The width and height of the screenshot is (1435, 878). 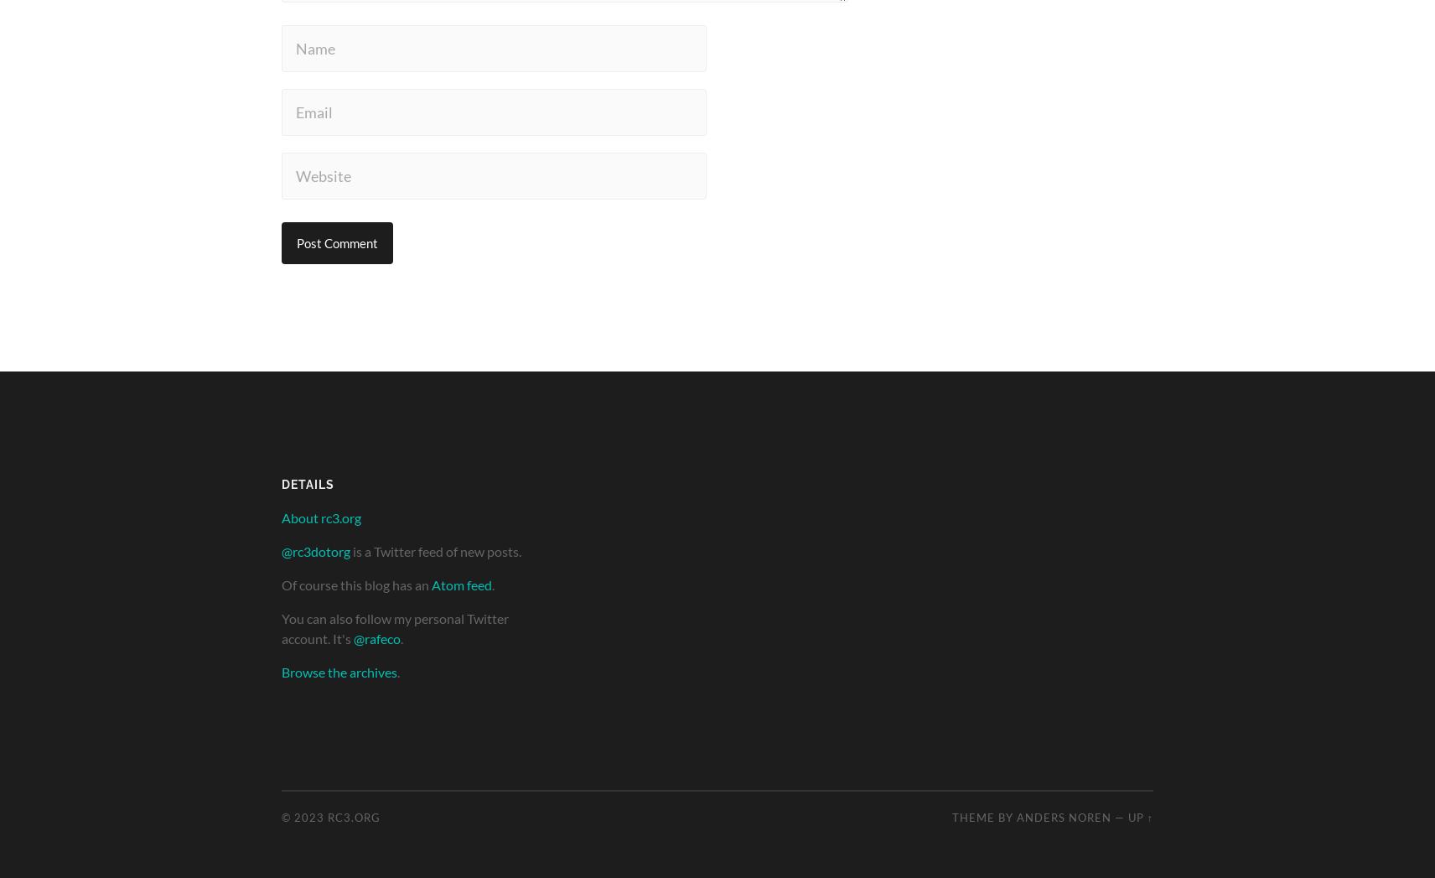 What do you see at coordinates (376, 637) in the screenshot?
I see `'@rafeco'` at bounding box center [376, 637].